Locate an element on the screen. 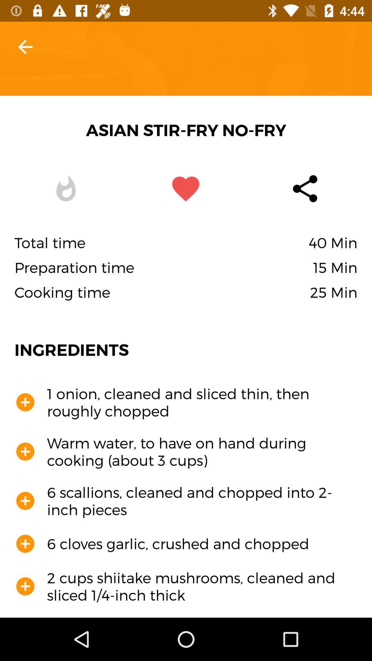  the third add icon is located at coordinates (25, 501).